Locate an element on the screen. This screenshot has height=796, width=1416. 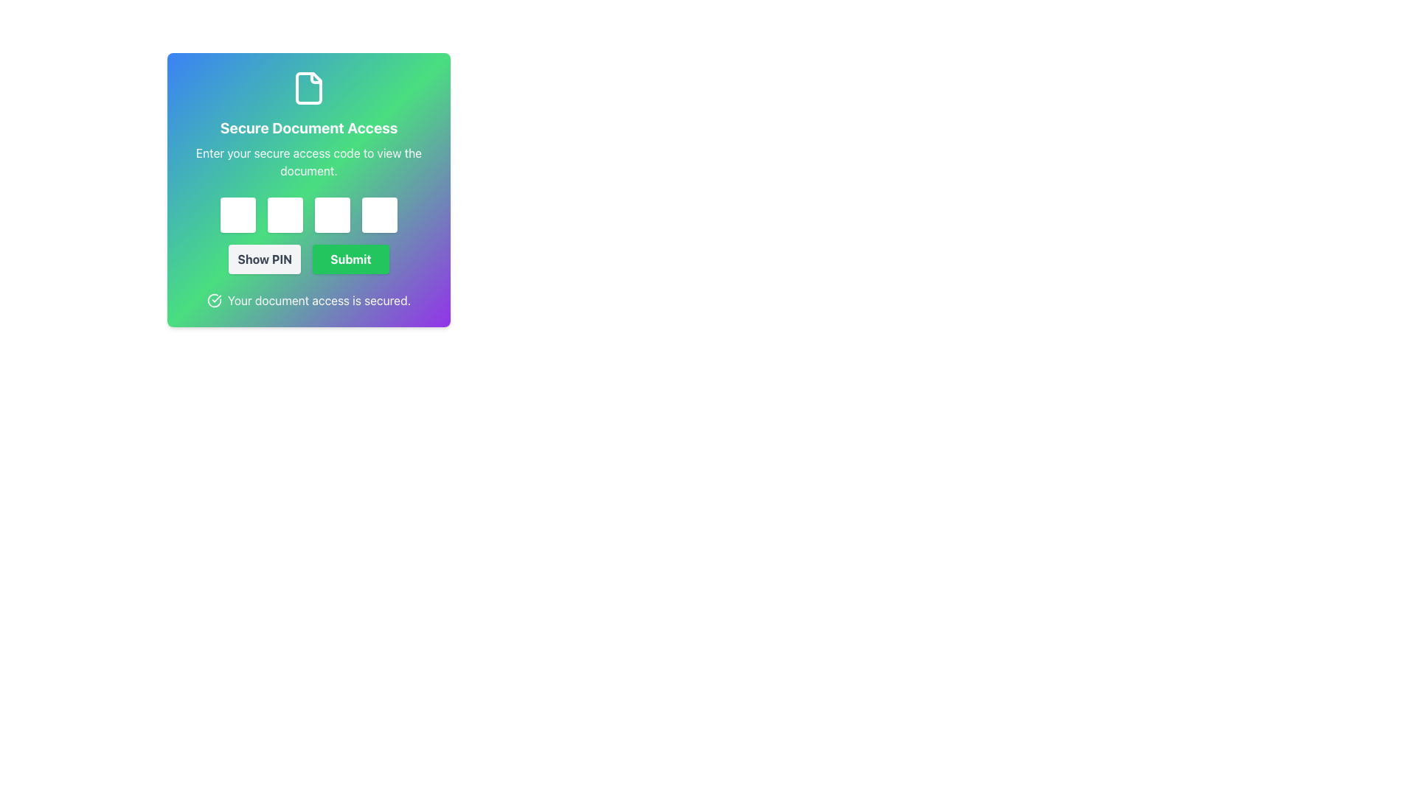
the Text Label (Heading) displaying 'Secure Document Access' in bold, extra-large white font, which is positioned beneath the document icon and above the instructional text is located at coordinates (308, 127).